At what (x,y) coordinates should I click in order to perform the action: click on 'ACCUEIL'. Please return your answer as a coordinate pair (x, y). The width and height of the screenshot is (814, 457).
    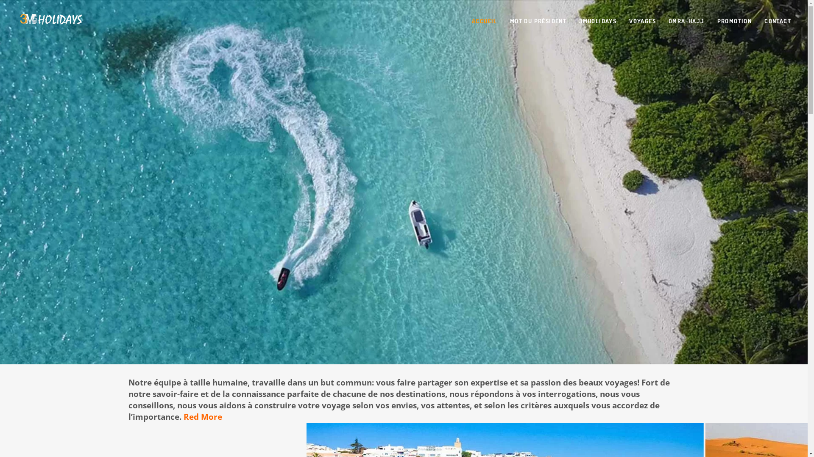
    Looking at the image, I should click on (484, 21).